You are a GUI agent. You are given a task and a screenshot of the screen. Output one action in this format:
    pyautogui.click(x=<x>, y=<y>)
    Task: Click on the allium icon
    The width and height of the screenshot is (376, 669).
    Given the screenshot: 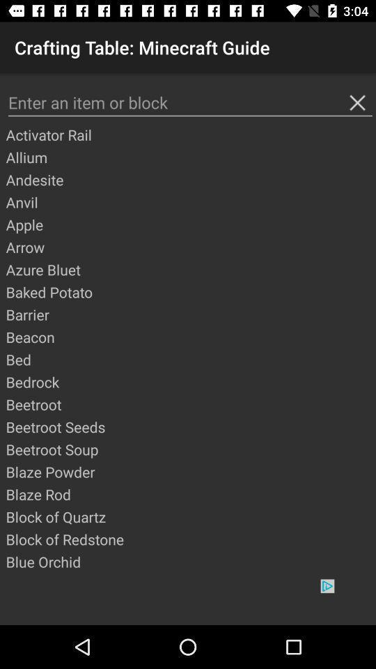 What is the action you would take?
    pyautogui.click(x=189, y=157)
    